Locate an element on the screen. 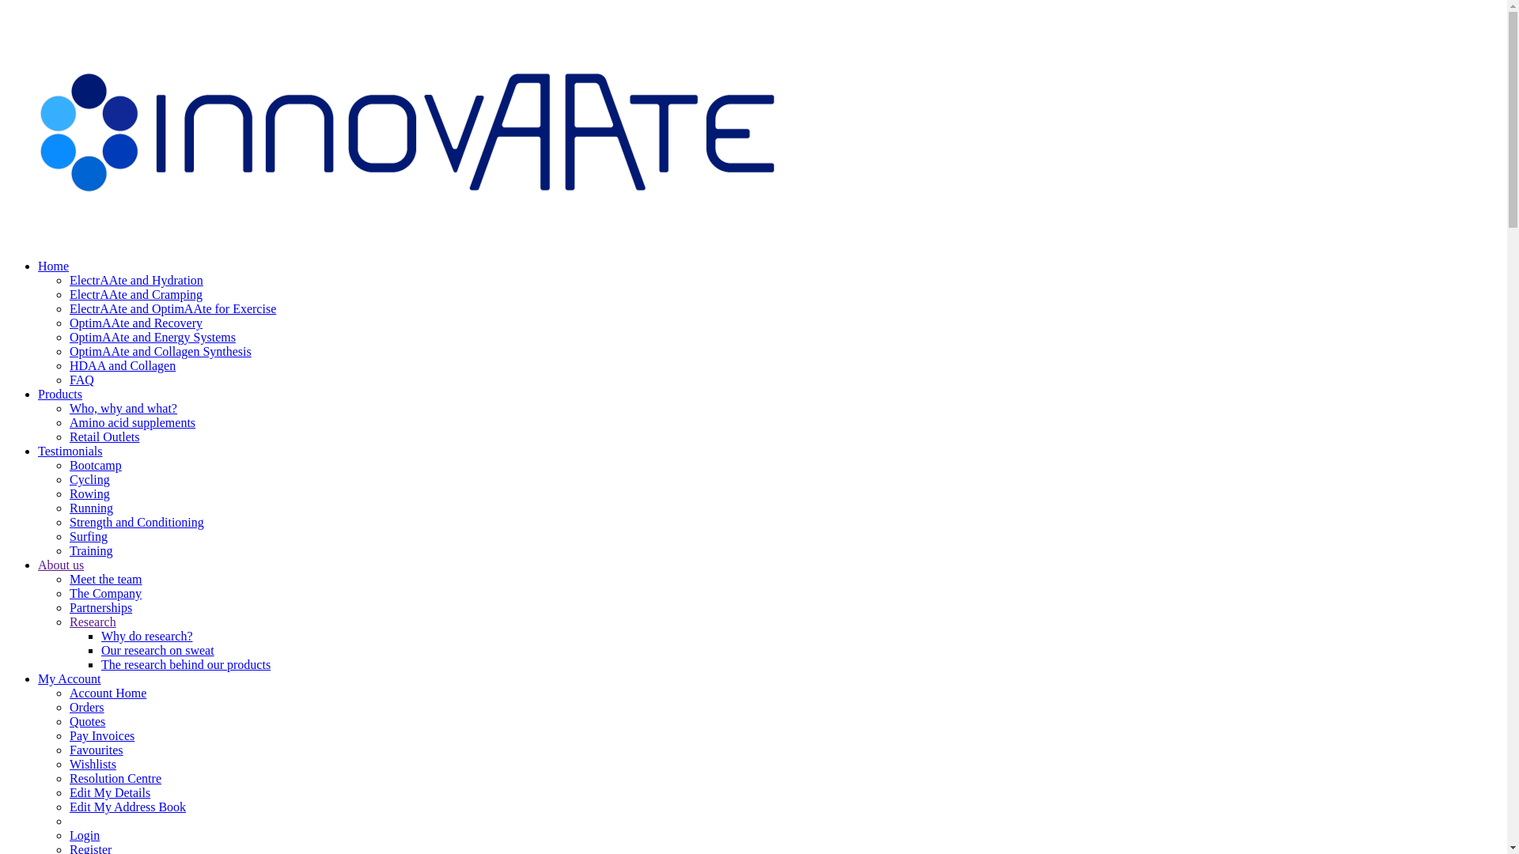 This screenshot has width=1519, height=854. 'About us' is located at coordinates (60, 564).